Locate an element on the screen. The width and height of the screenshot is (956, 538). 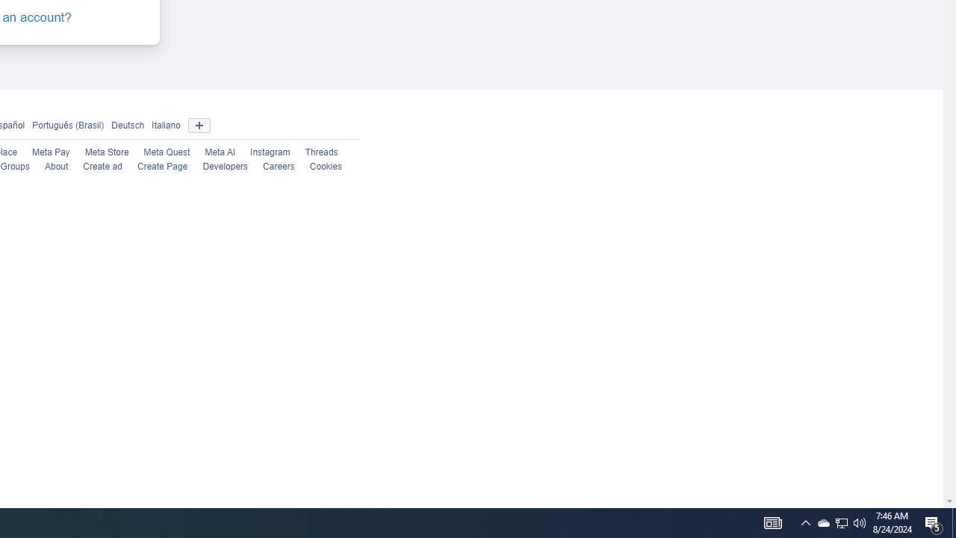
'Cookies' is located at coordinates (324, 167).